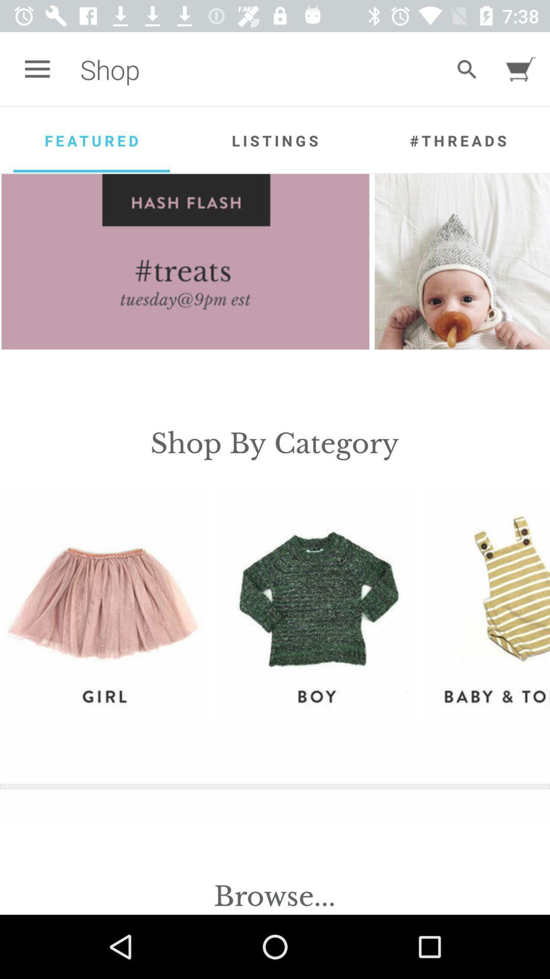 The width and height of the screenshot is (550, 979). What do you see at coordinates (521, 69) in the screenshot?
I see `second icon which is top right corner` at bounding box center [521, 69].